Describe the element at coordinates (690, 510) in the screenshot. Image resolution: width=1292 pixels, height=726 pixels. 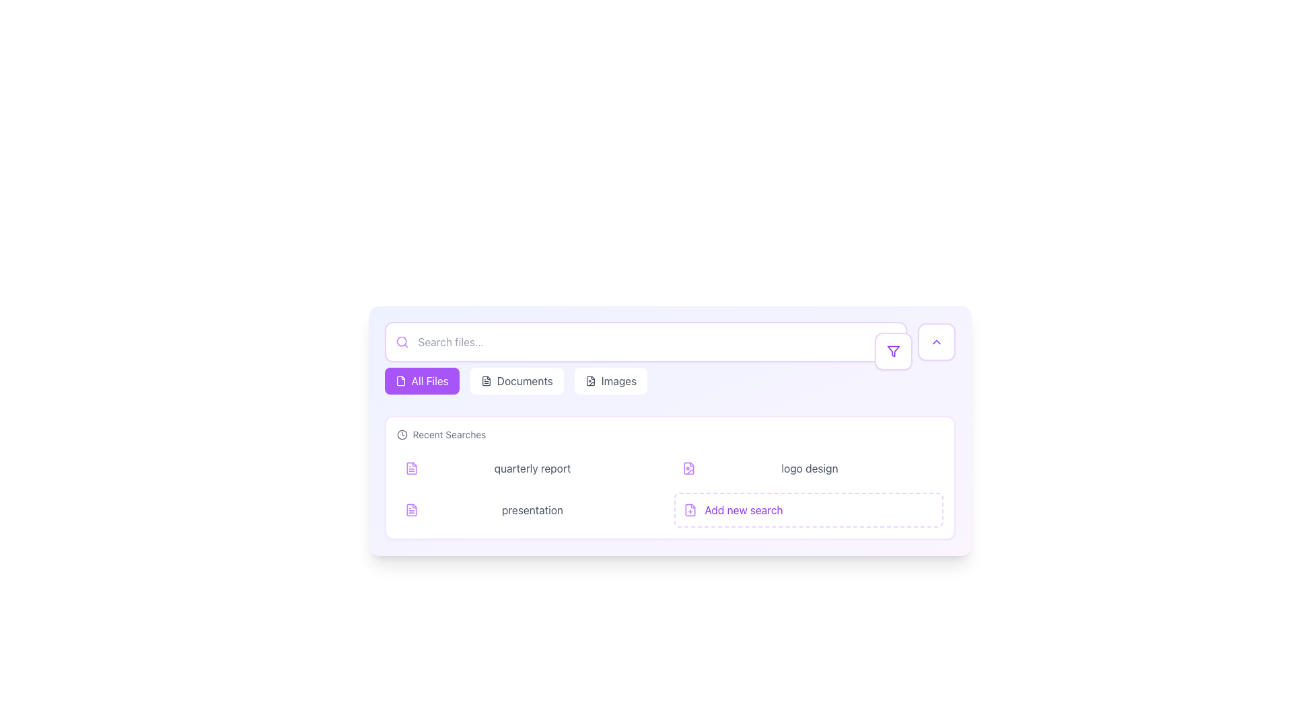
I see `the vector graphic element that is part of the document icon located in the bottom-right corner of the 'Recent Searches' section, associated with the 'Add new search' functionality` at that location.